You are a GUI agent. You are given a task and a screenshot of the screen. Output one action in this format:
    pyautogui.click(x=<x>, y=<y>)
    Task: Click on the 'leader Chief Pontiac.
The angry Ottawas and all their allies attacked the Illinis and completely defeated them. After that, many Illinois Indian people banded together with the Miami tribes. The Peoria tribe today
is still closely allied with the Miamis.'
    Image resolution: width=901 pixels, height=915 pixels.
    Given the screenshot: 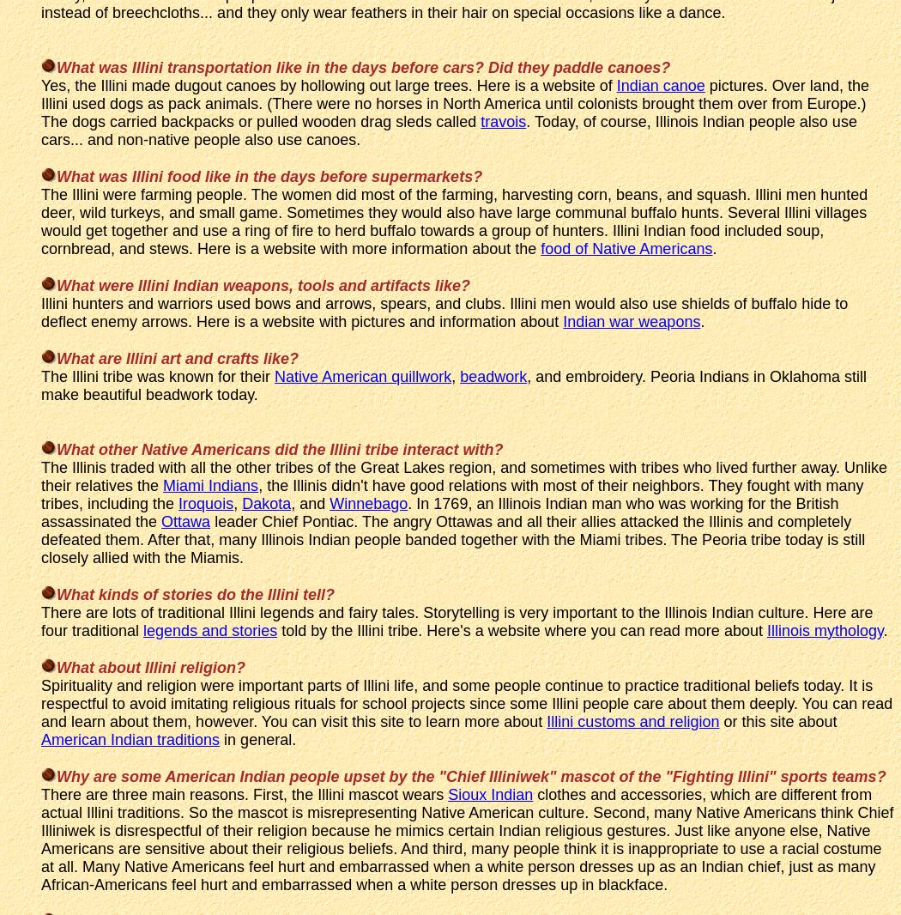 What is the action you would take?
    pyautogui.click(x=39, y=537)
    